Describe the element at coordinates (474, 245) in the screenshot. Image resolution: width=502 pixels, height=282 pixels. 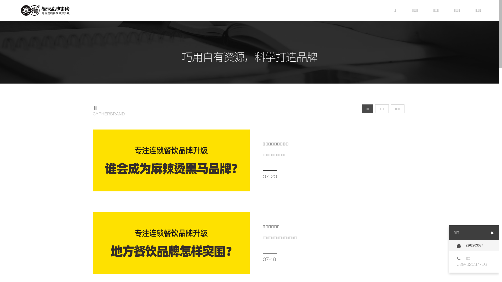
I see `'2262203087'` at that location.